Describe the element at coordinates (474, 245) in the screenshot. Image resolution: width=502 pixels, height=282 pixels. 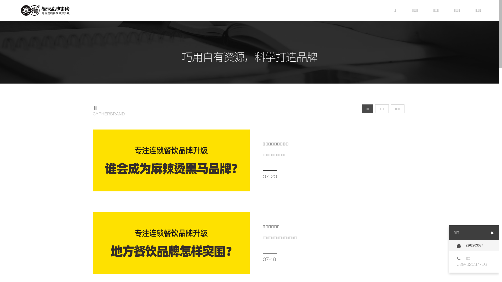
I see `'2262203087'` at that location.